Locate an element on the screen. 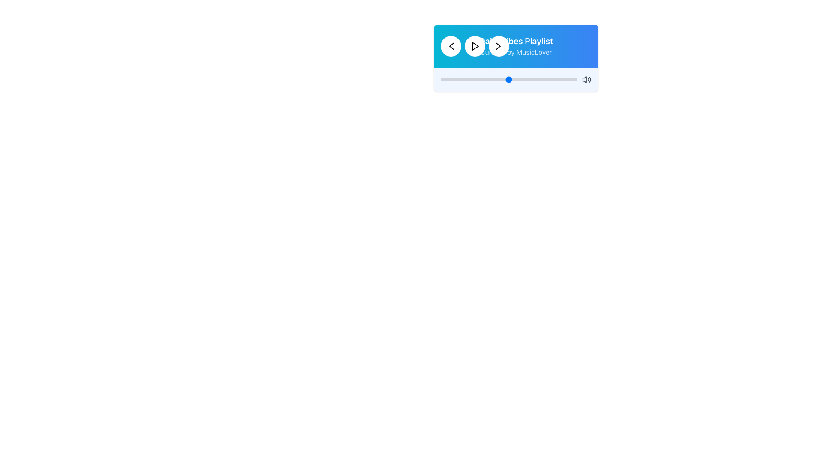 The image size is (823, 463). slider value is located at coordinates (494, 79).